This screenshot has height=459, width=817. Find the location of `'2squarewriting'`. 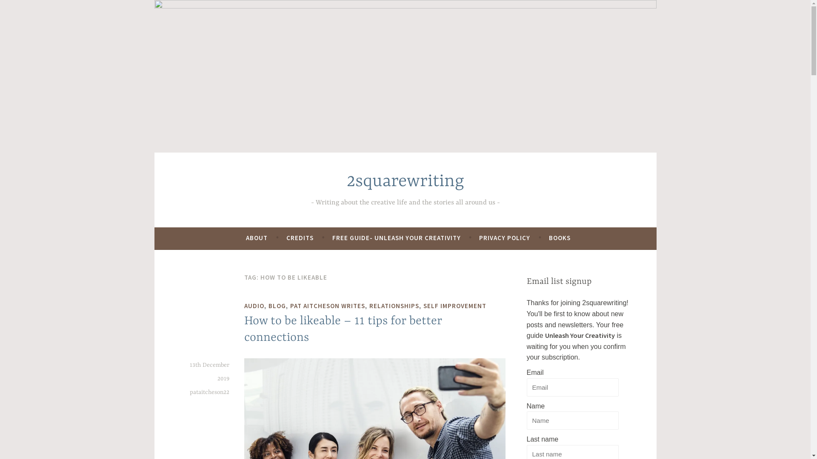

'2squarewriting' is located at coordinates (404, 181).